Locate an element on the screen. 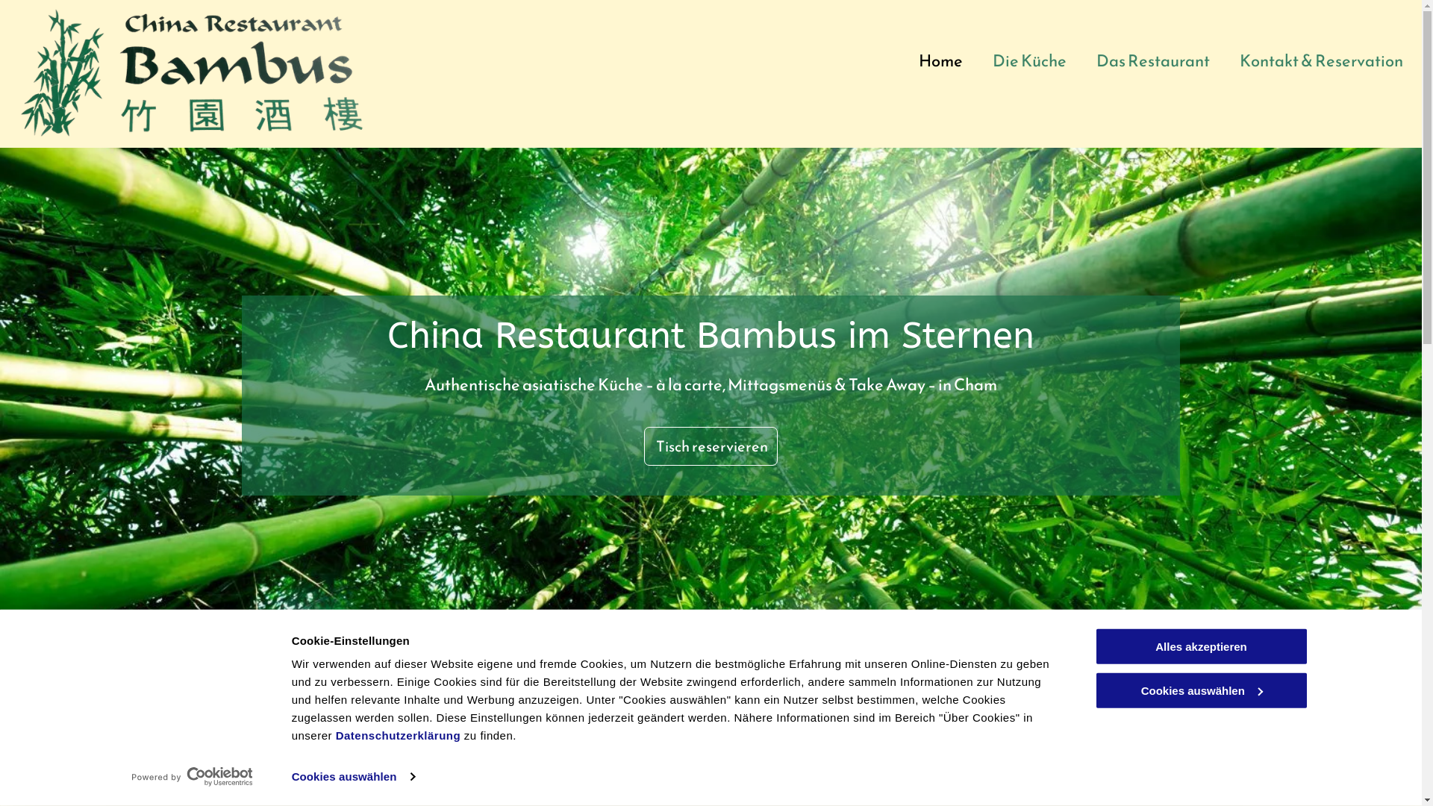  'Home' is located at coordinates (940, 60).